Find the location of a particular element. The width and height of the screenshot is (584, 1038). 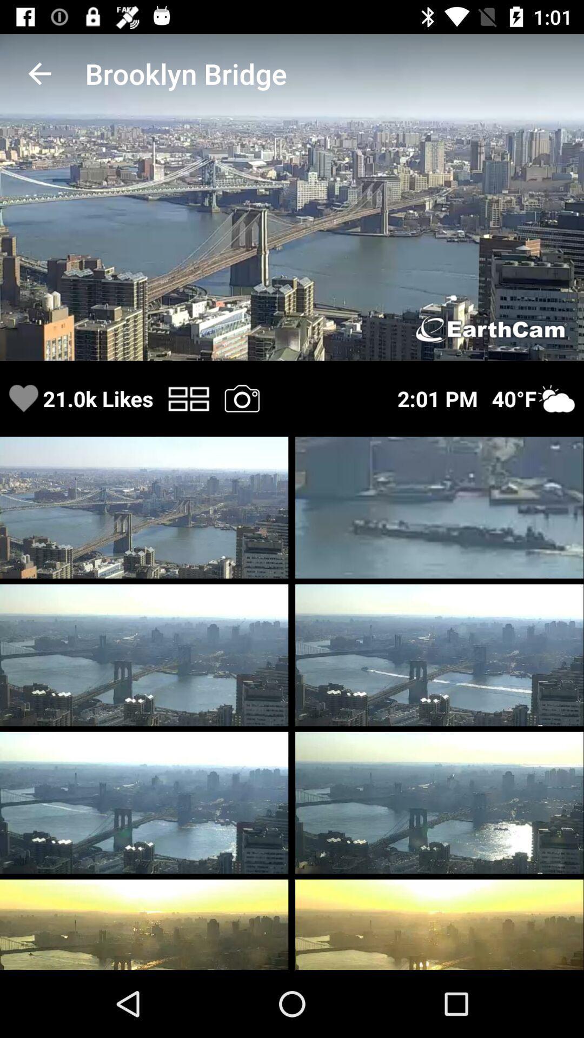

the photo icon is located at coordinates (241, 398).